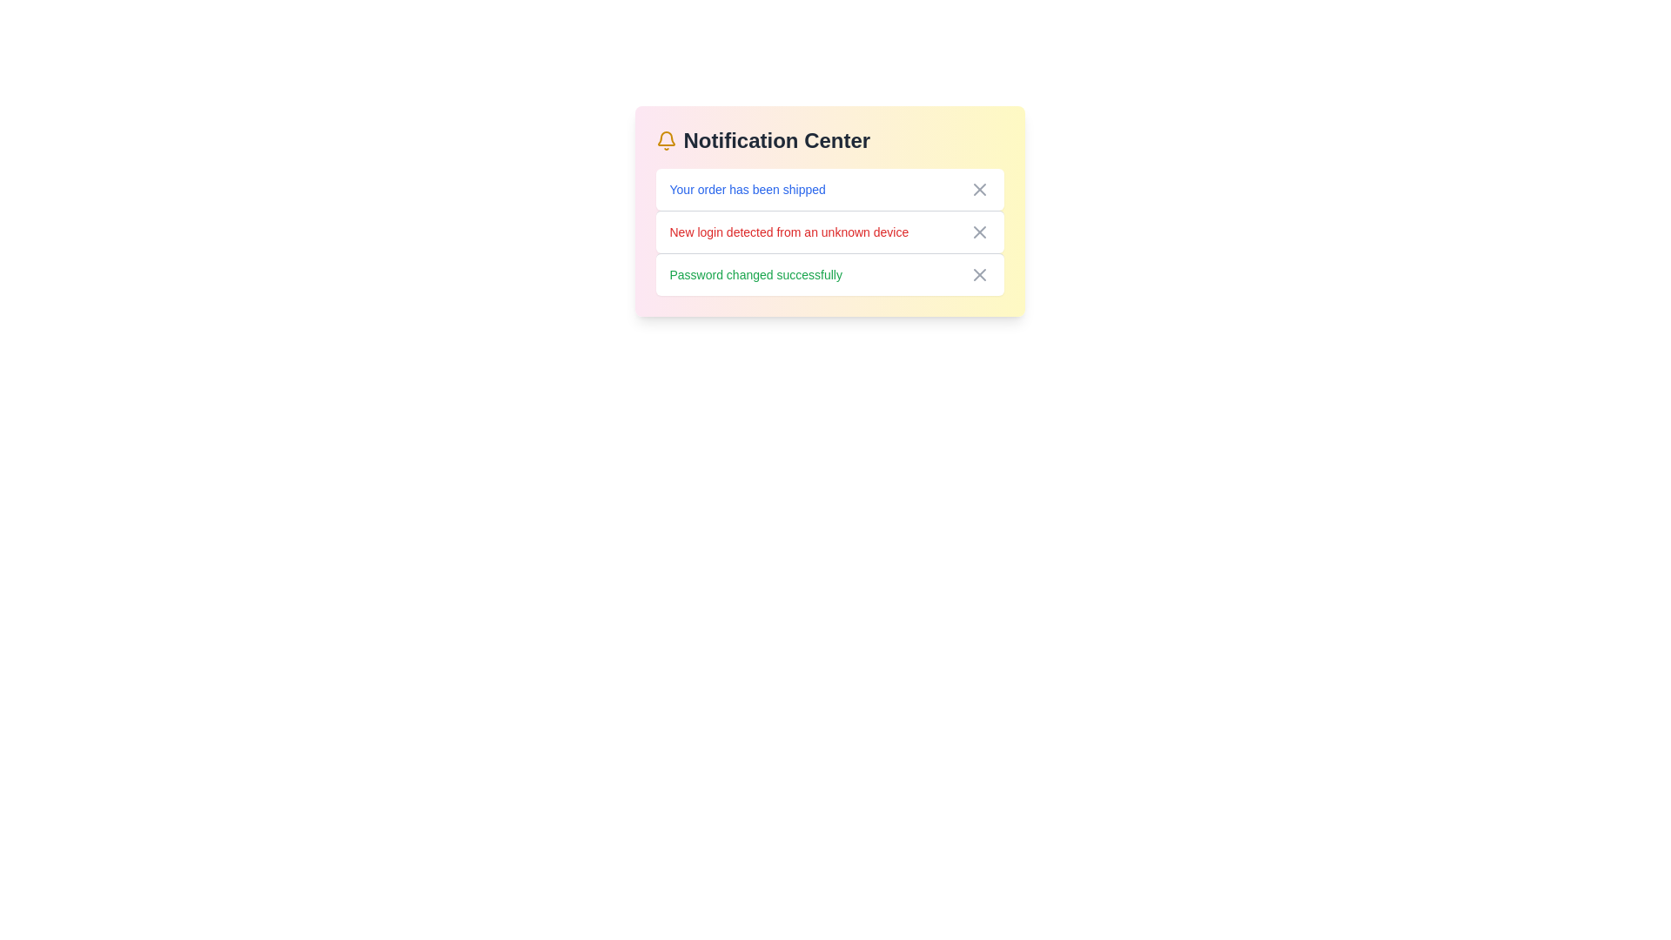 The height and width of the screenshot is (940, 1671). I want to click on the notification center icon (bell symbol), so click(665, 140).